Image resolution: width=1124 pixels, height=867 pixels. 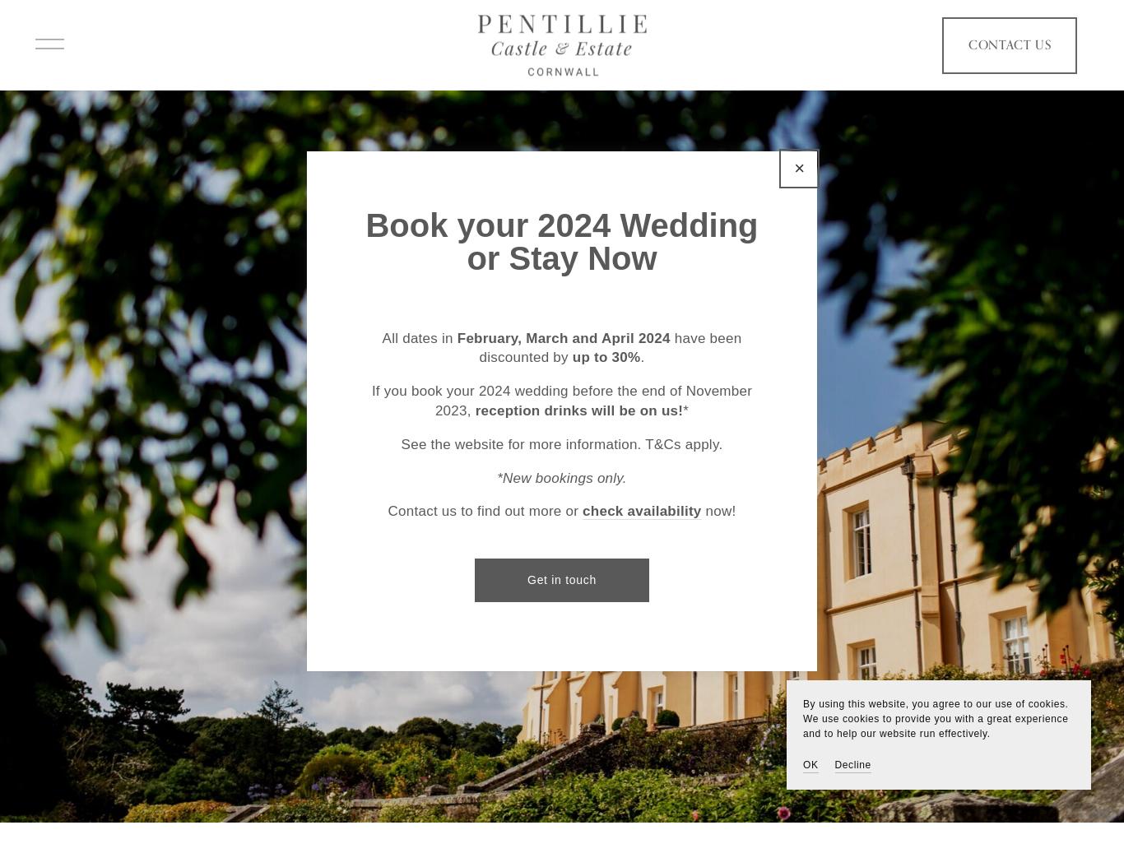 What do you see at coordinates (562, 477) in the screenshot?
I see `'Exclusively Yours'` at bounding box center [562, 477].